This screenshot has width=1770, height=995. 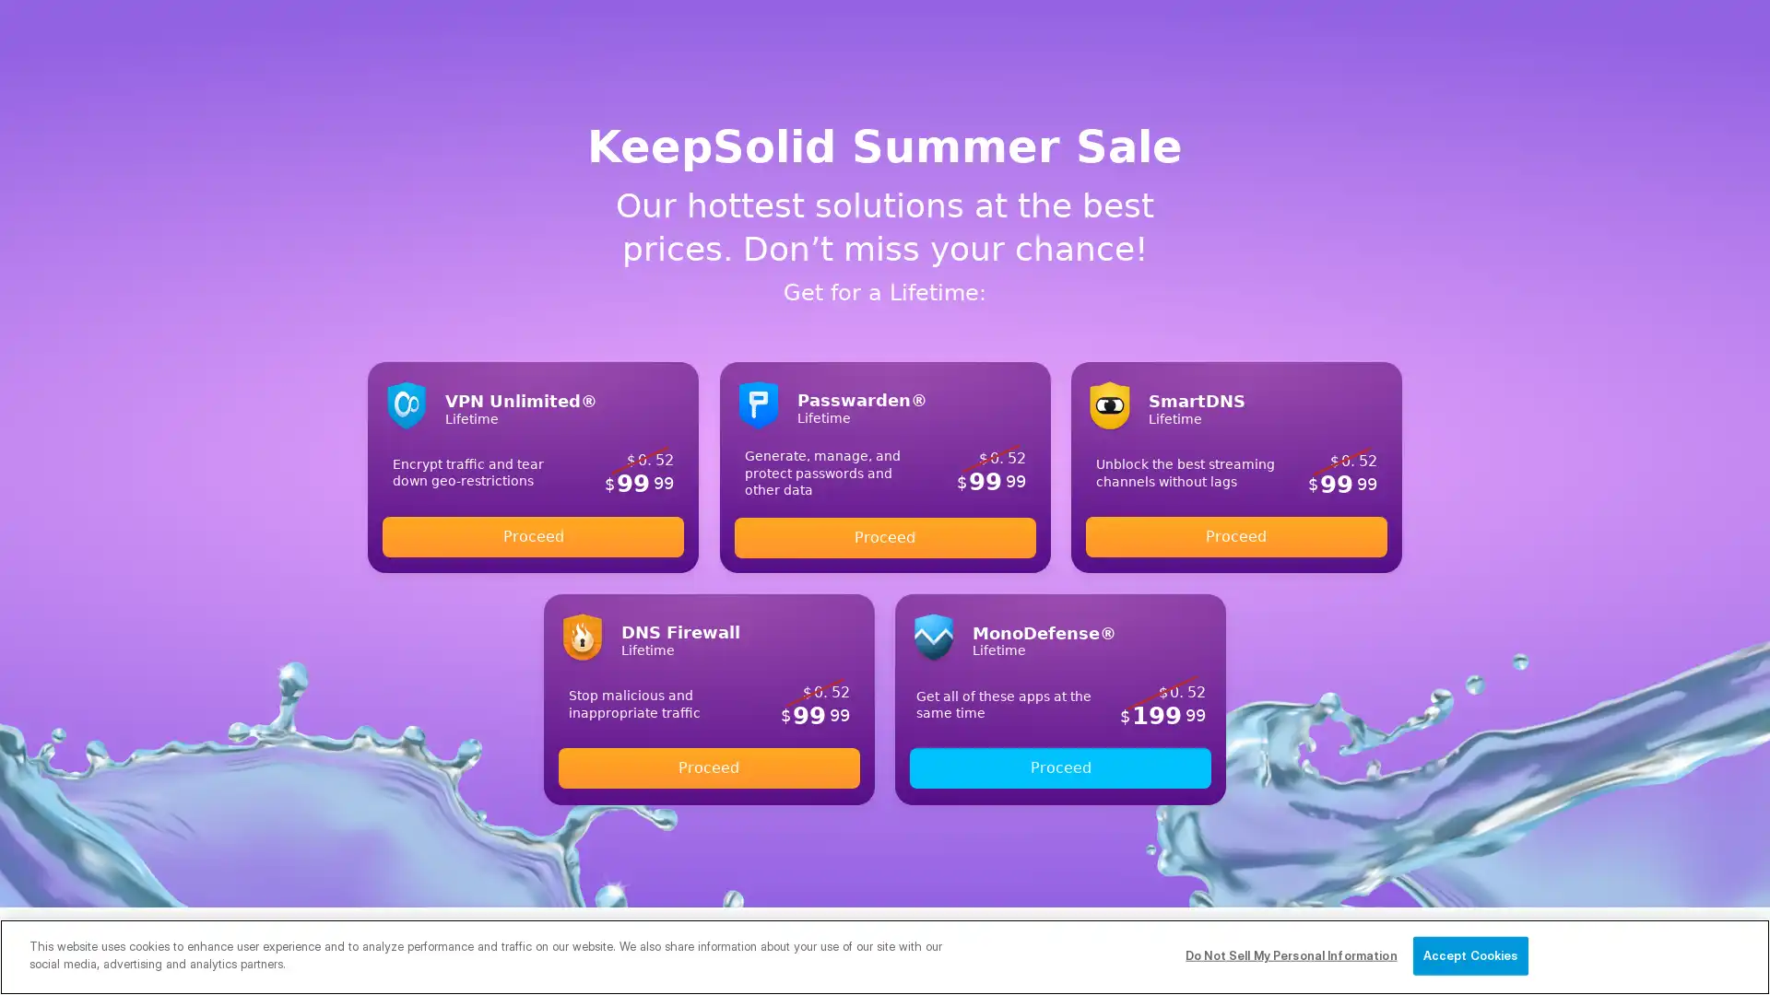 I want to click on Do Not Sell My Personal Information, so click(x=1290, y=954).